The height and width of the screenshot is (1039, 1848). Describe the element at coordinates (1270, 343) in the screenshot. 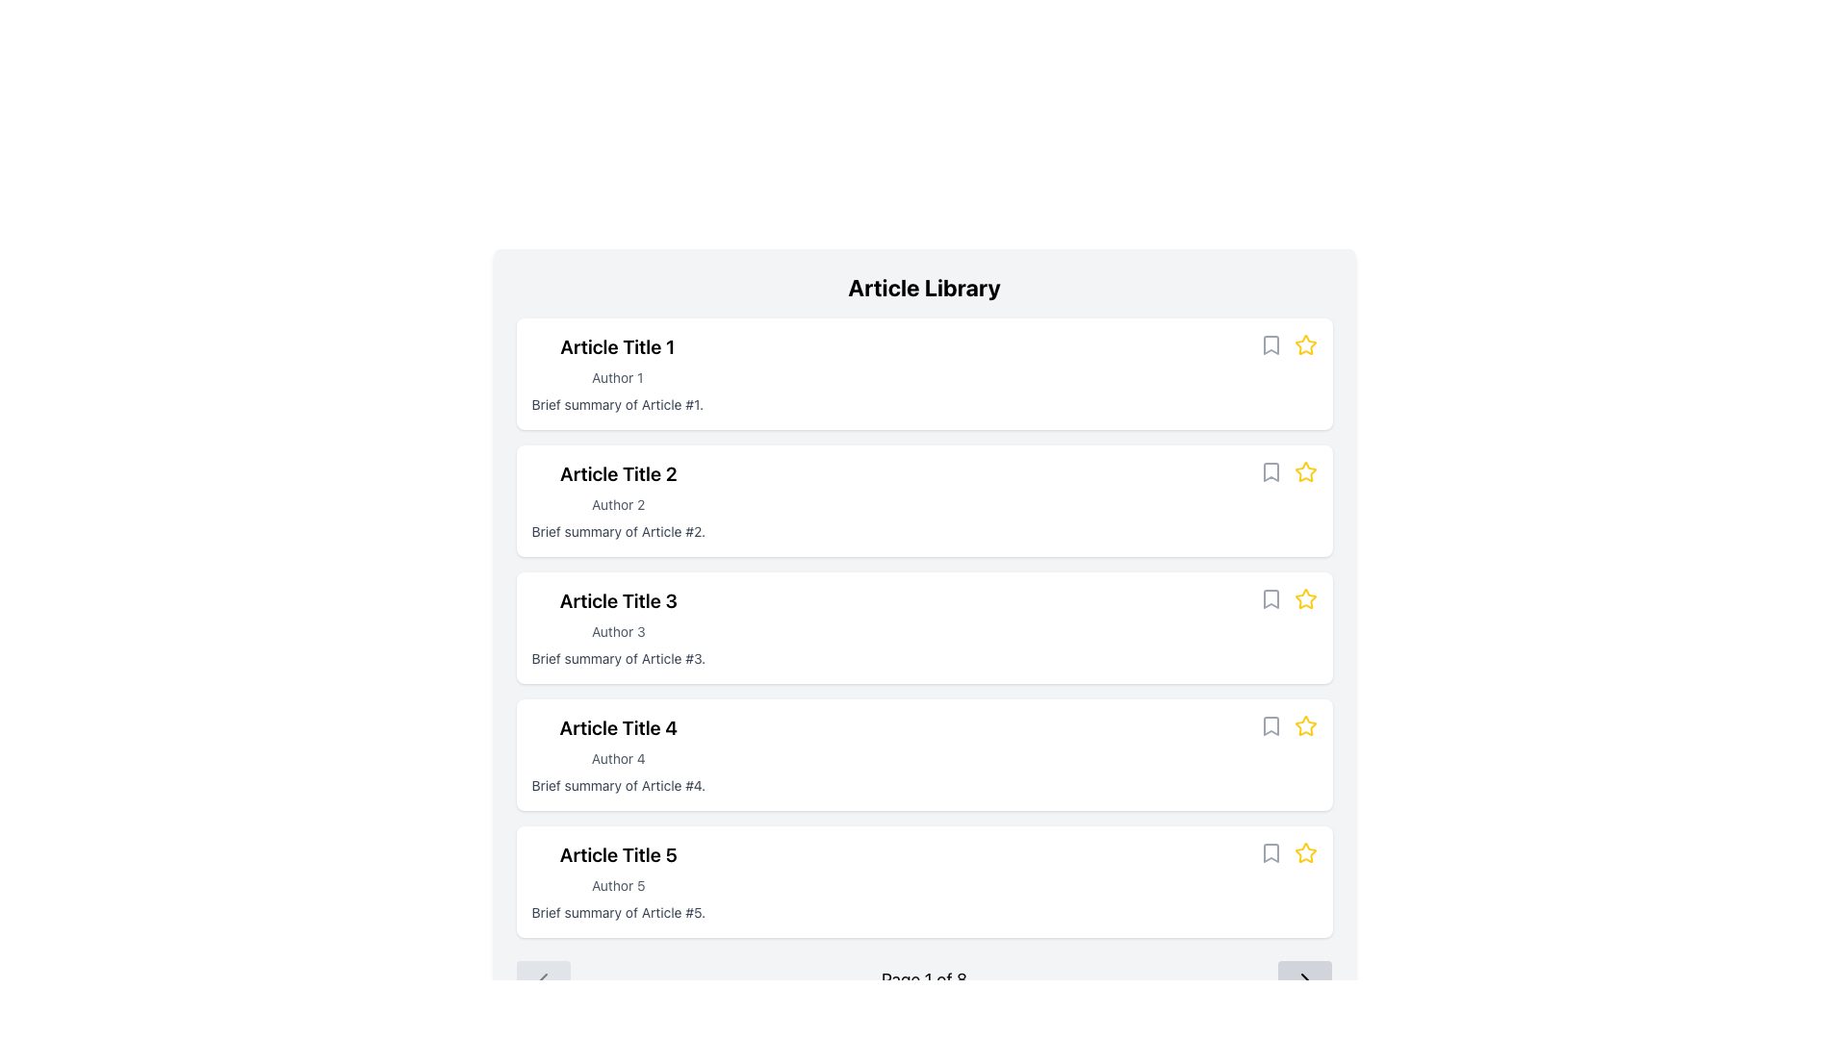

I see `the bookmark icon, which is styled with a triangular cut-out at the top and is gray in color` at that location.